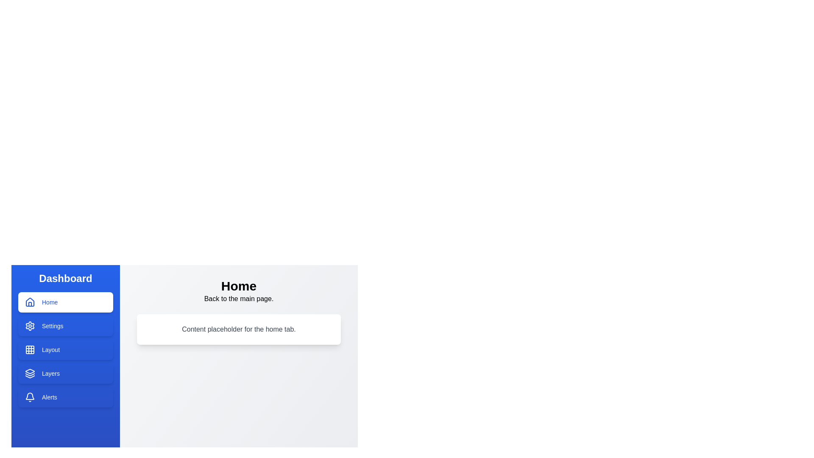 The height and width of the screenshot is (458, 814). Describe the element at coordinates (65, 397) in the screenshot. I see `the Alerts tab to switch the displayed content` at that location.